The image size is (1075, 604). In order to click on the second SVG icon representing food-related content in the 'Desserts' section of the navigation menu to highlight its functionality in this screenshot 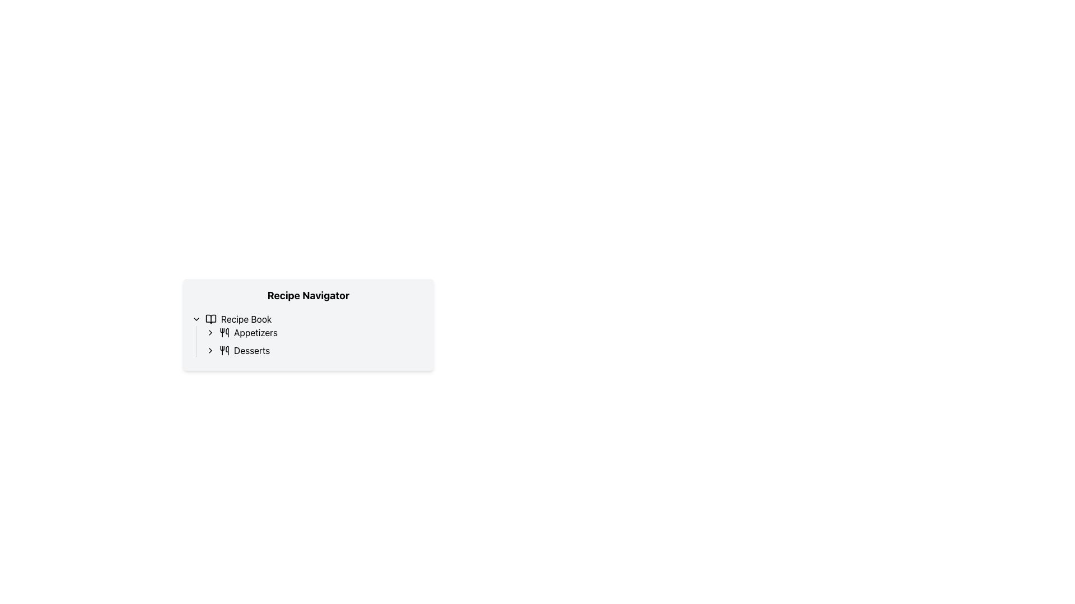, I will do `click(224, 350)`.